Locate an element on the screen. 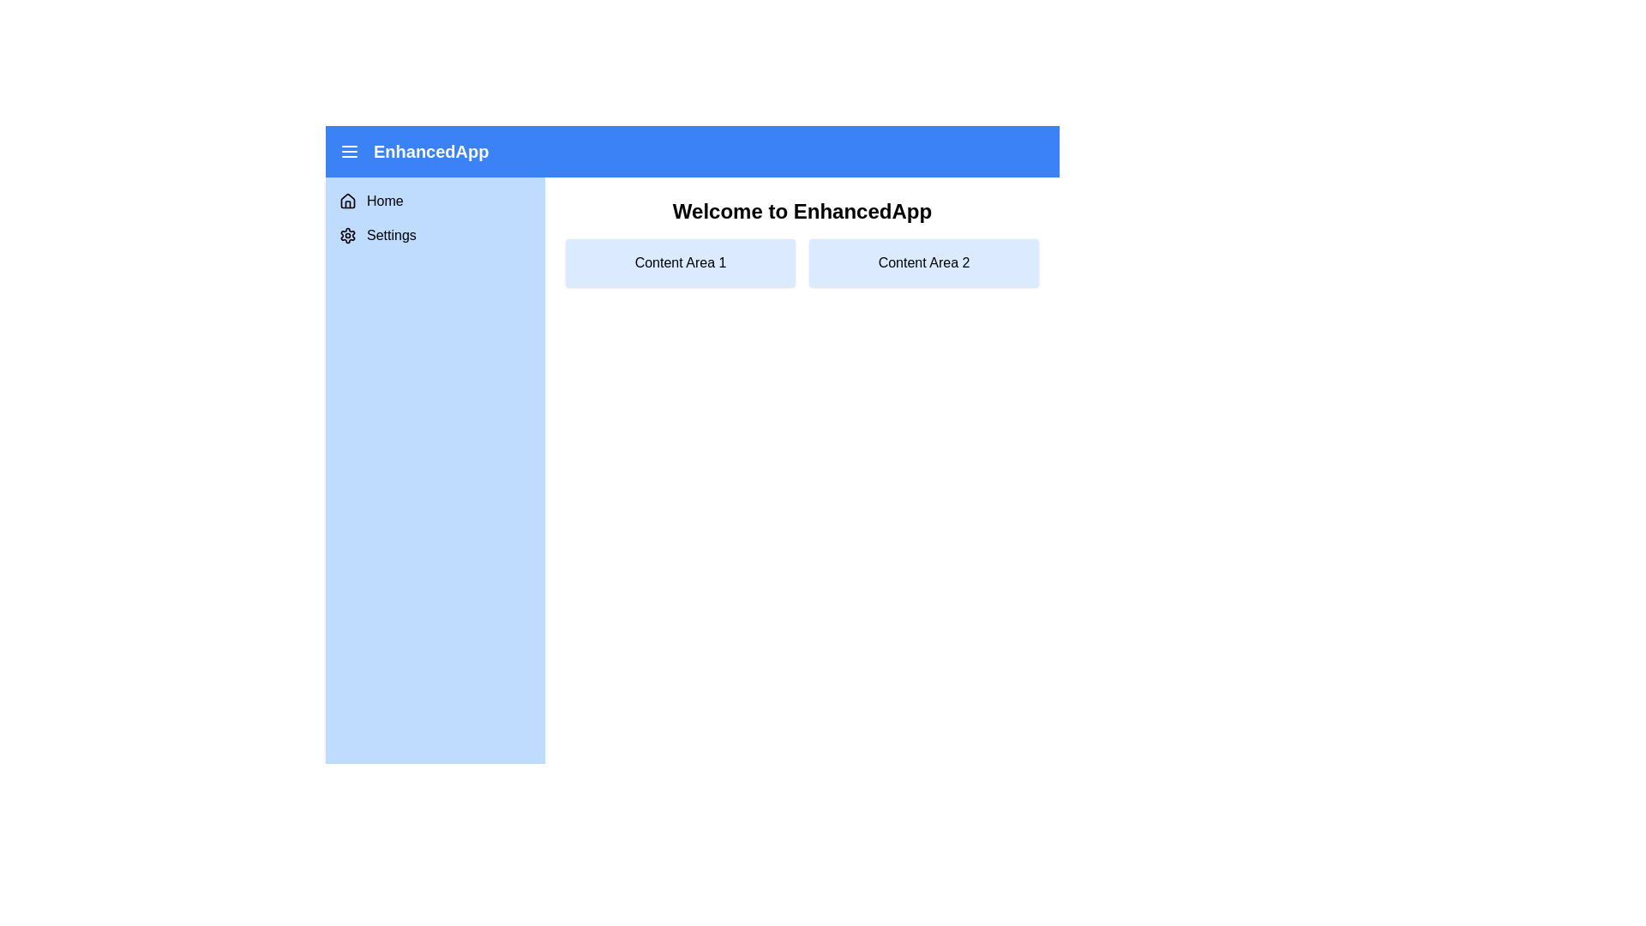 The width and height of the screenshot is (1646, 926). the highly stylized cogwheel icon in the sidebar menu is located at coordinates (347, 235).